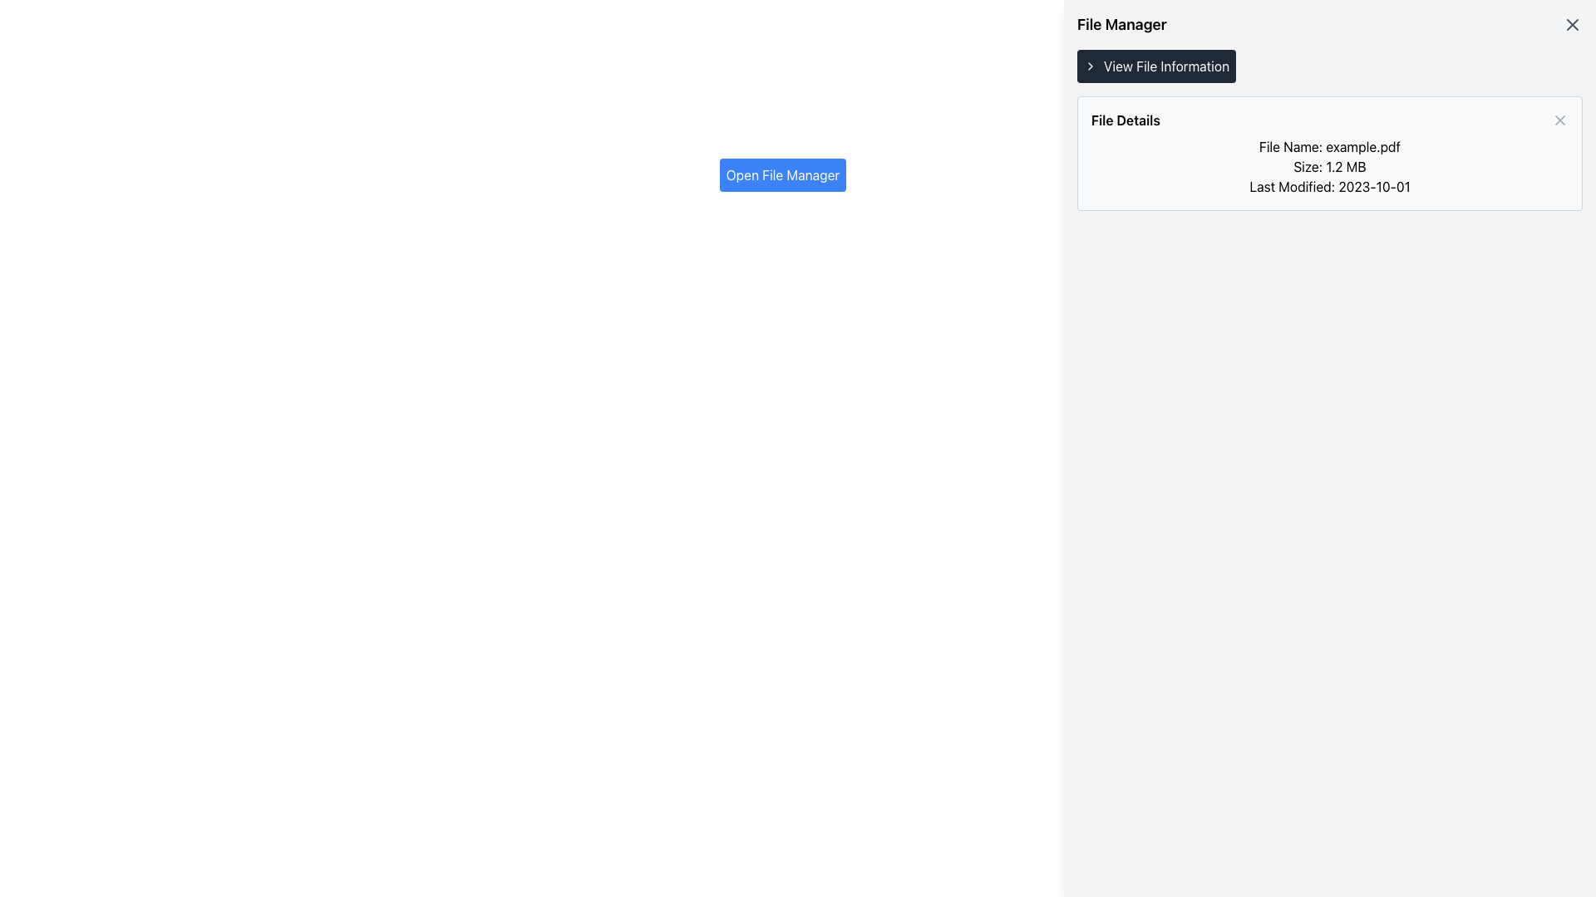  What do you see at coordinates (1328, 186) in the screenshot?
I see `the text label displaying 'Last Modified: 2023-10-01' in the 'File Details' section of the 'File Manager'` at bounding box center [1328, 186].